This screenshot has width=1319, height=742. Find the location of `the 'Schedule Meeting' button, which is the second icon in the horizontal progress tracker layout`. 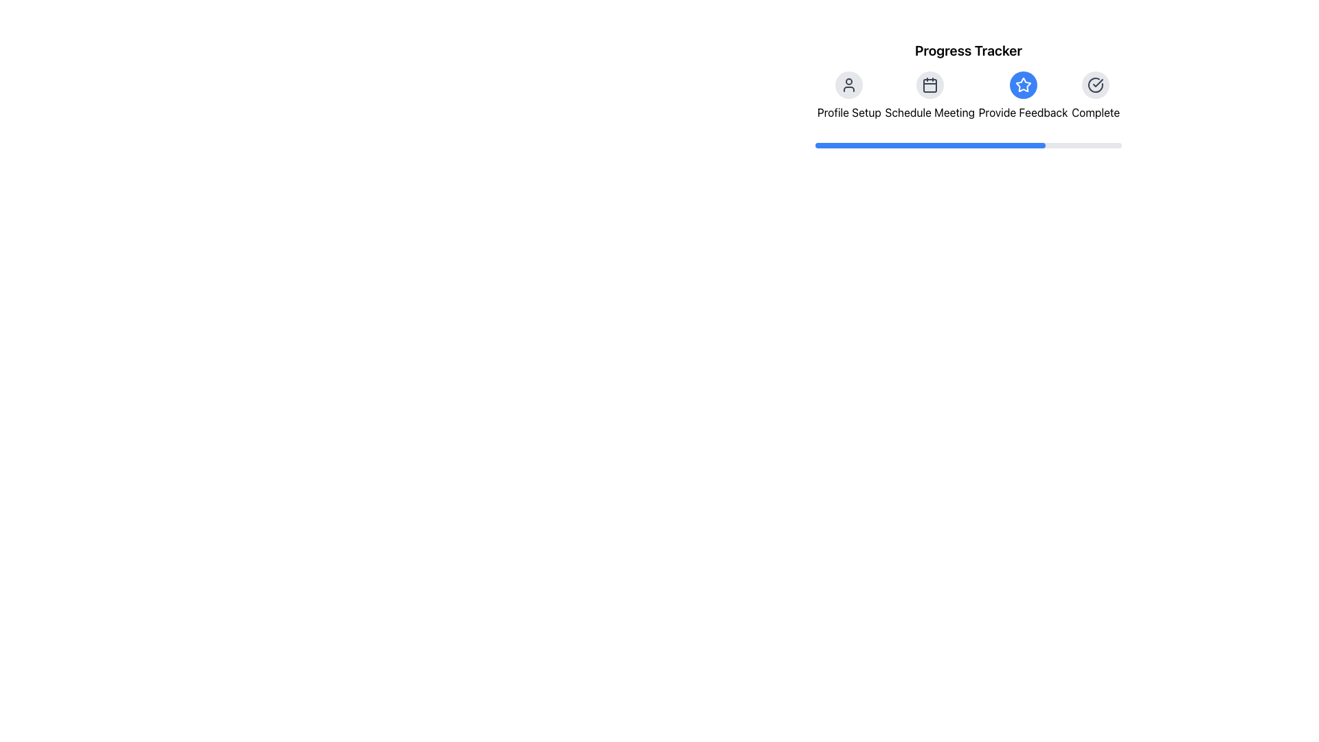

the 'Schedule Meeting' button, which is the second icon in the horizontal progress tracker layout is located at coordinates (929, 85).